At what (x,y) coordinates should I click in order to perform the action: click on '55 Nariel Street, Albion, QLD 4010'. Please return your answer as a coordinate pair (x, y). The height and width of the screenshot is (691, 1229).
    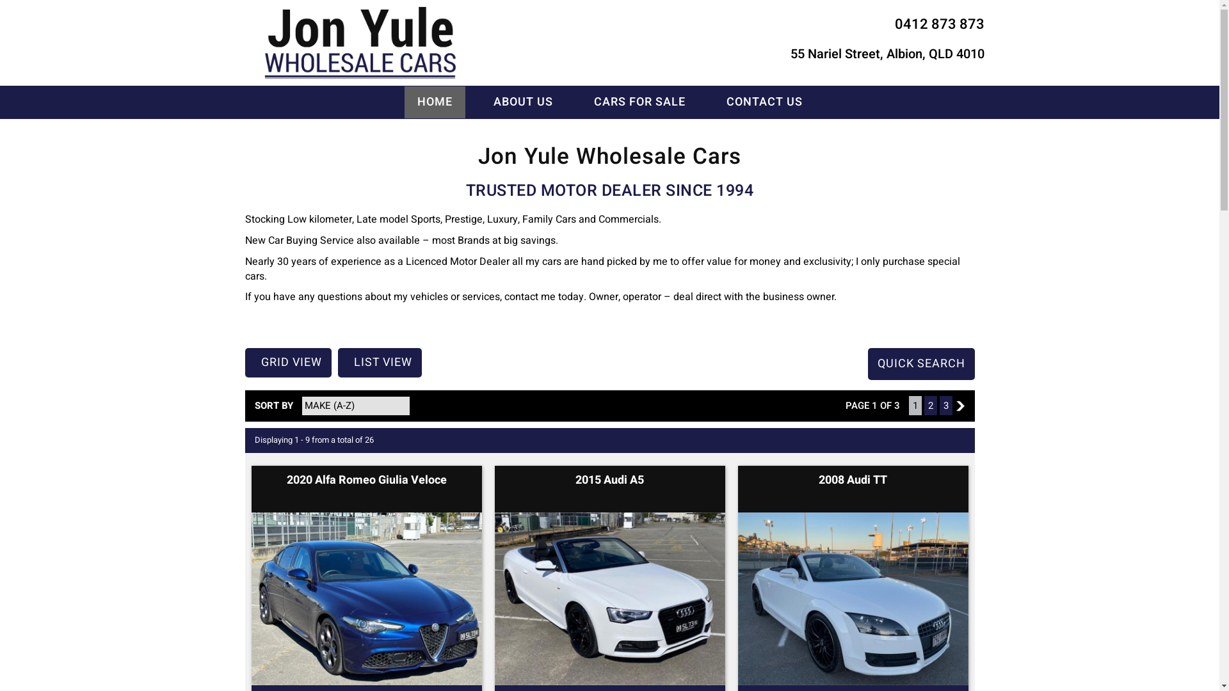
    Looking at the image, I should click on (886, 54).